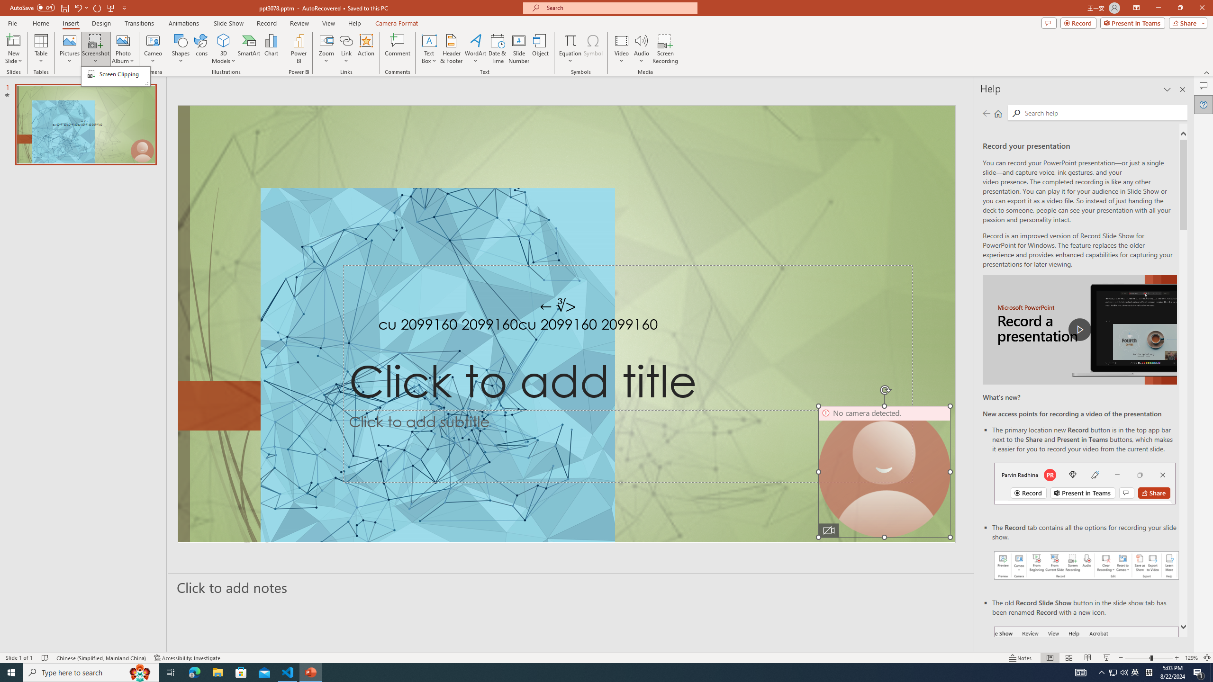  Describe the element at coordinates (116, 76) in the screenshot. I see `'&Screenshot'` at that location.